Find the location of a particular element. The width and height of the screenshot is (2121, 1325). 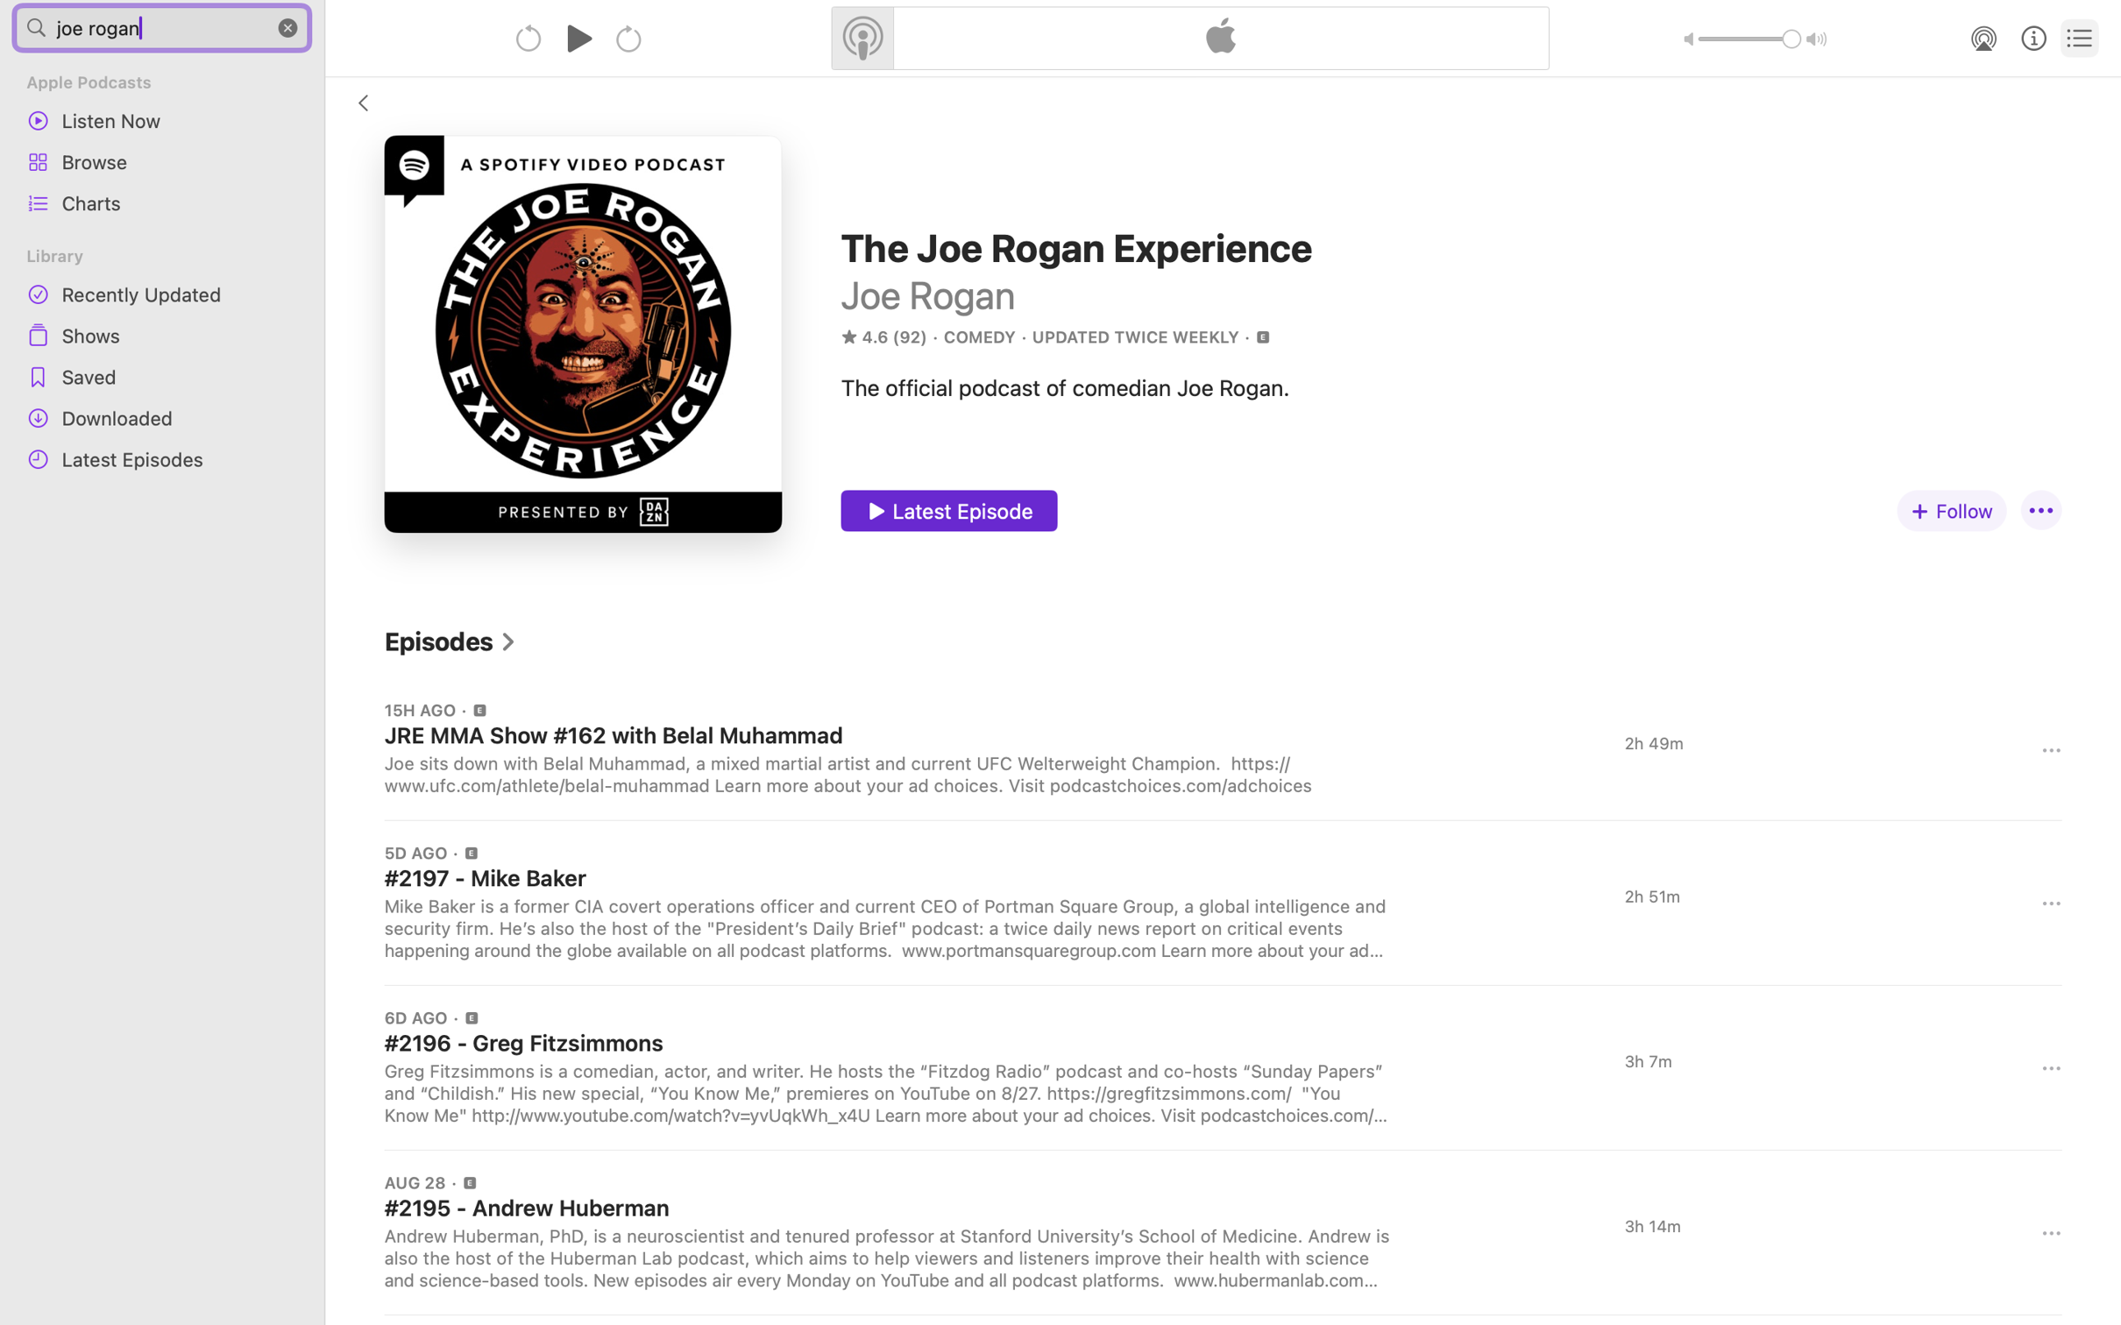

'1.0' is located at coordinates (1749, 39).